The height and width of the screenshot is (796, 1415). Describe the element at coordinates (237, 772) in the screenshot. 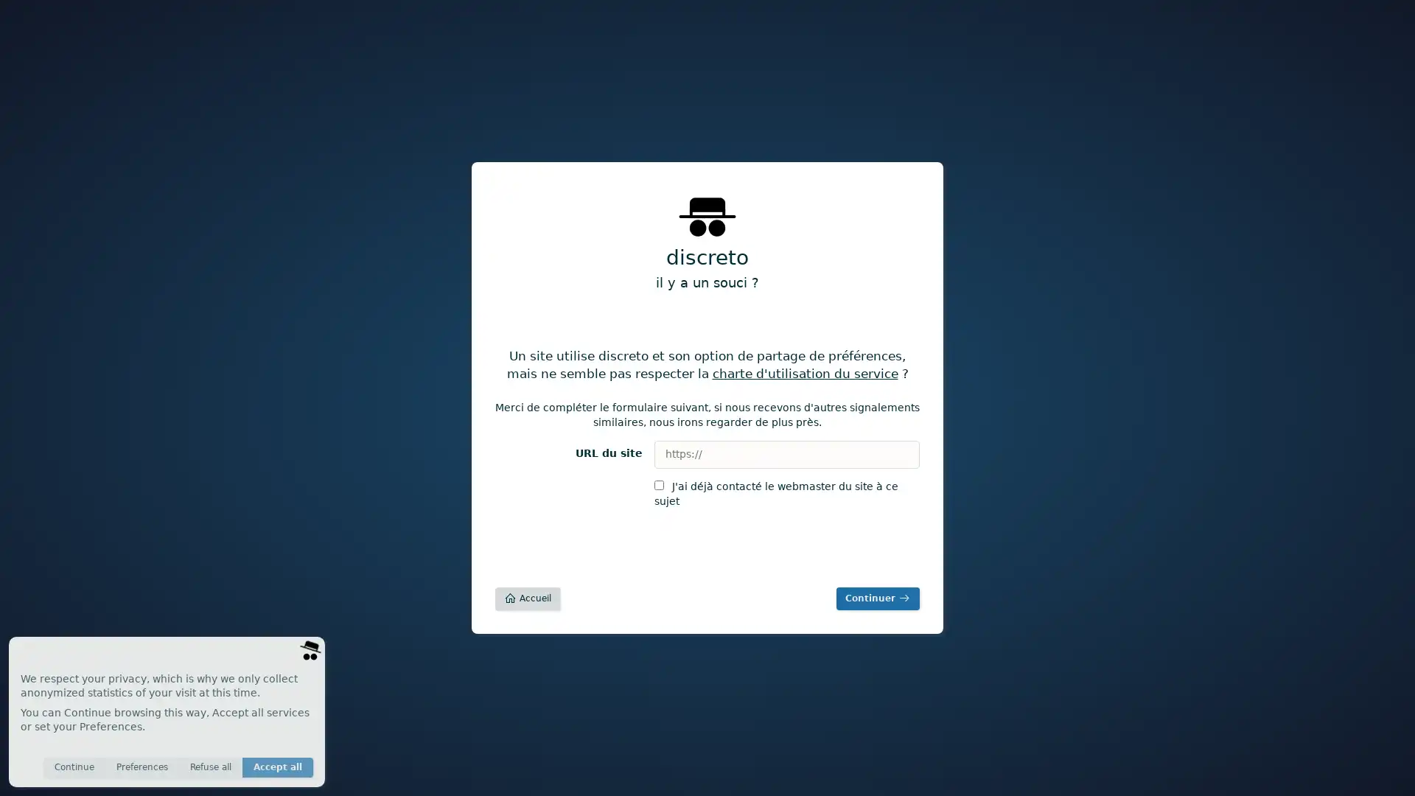

I see `Invisible` at that location.